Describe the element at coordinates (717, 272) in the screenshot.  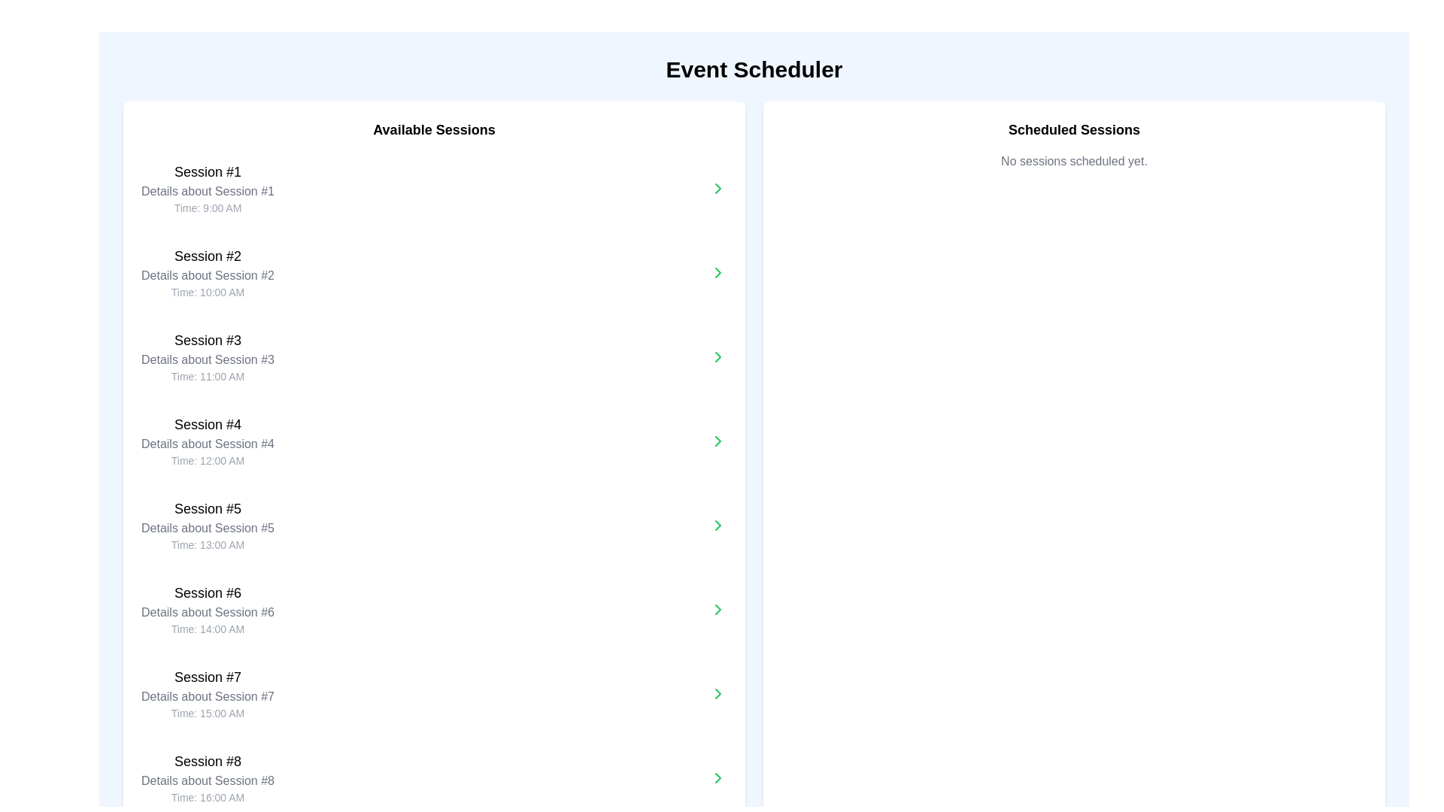
I see `the navigation button located to the right of the second session's information, specifically after the 'Time: 10:00 AM' text` at that location.